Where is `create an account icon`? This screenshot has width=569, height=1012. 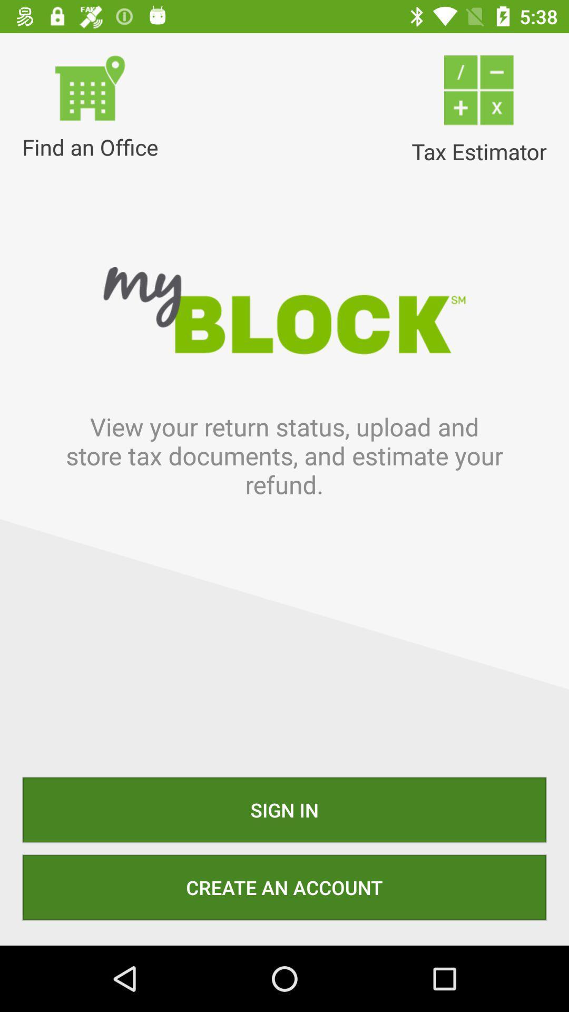
create an account icon is located at coordinates (284, 887).